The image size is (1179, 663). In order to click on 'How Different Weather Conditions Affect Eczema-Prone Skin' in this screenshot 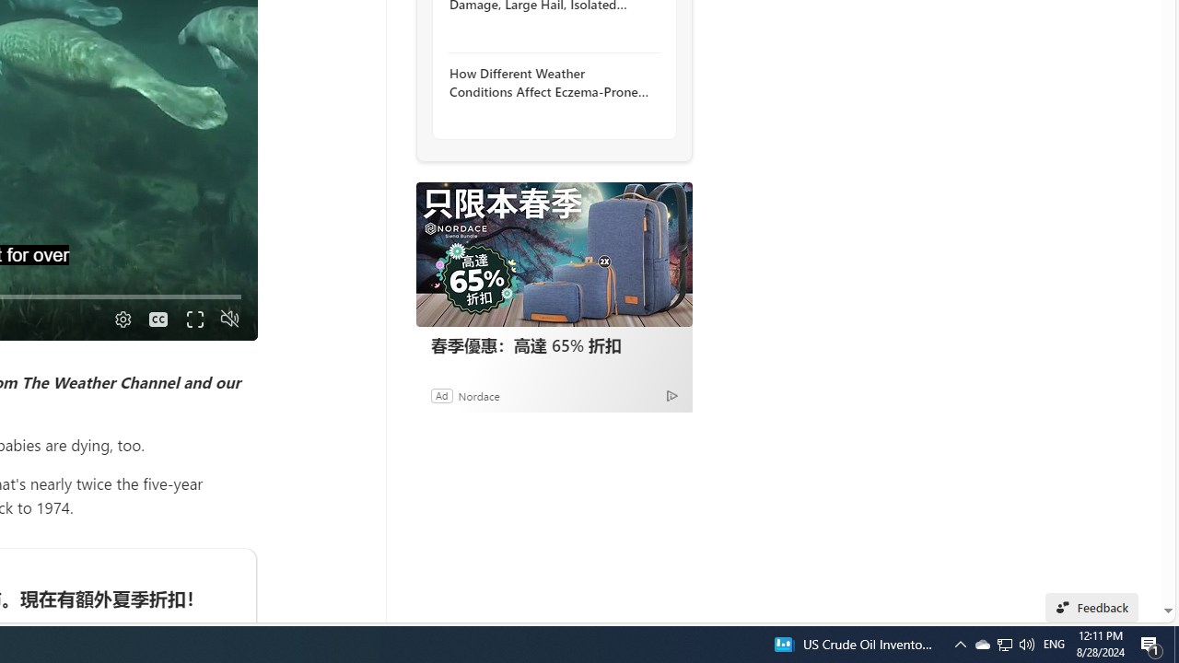, I will do `click(548, 81)`.